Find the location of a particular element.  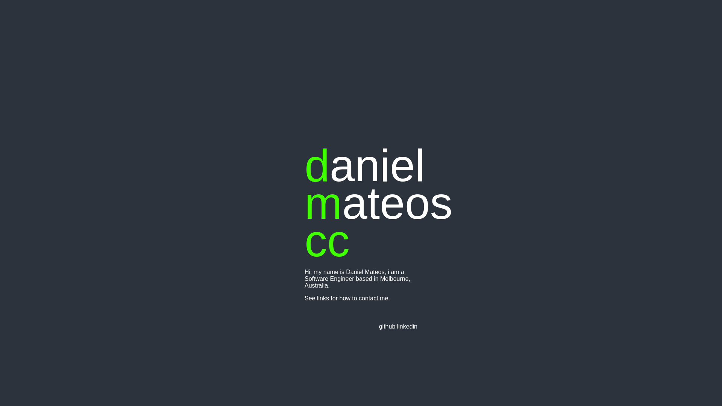

'github' is located at coordinates (387, 326).